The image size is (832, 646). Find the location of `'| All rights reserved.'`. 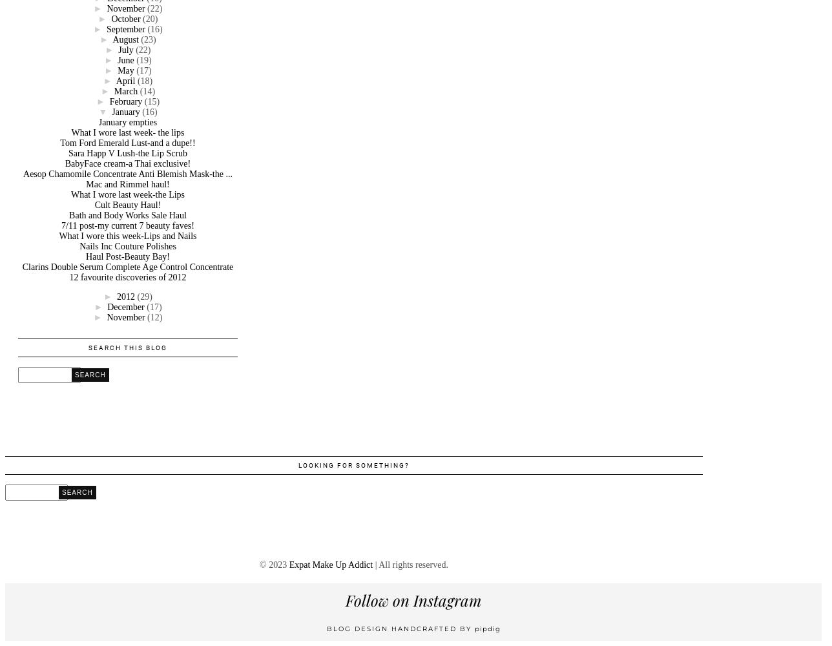

'| All rights reserved.' is located at coordinates (410, 563).